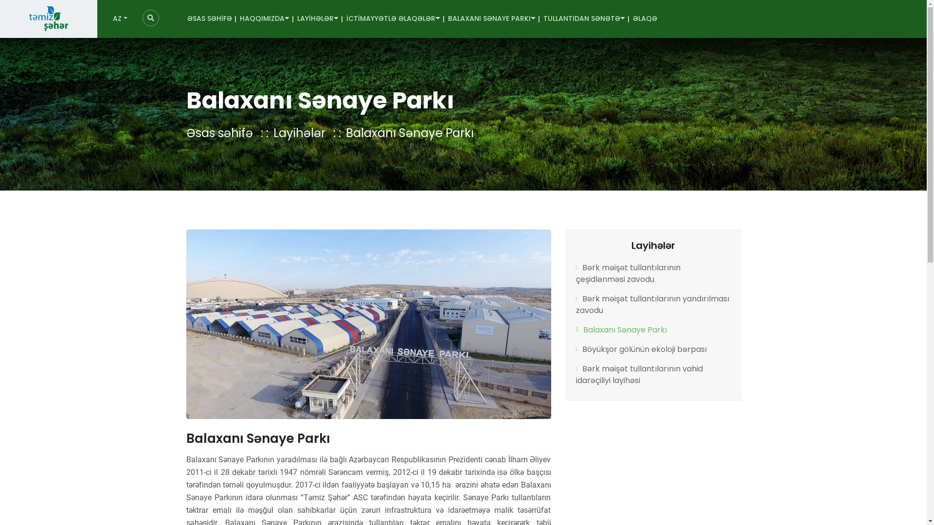 This screenshot has height=525, width=934. Describe the element at coordinates (119, 19) in the screenshot. I see `'AZ'` at that location.